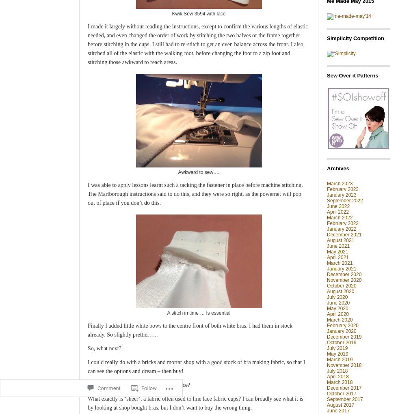 Image resolution: width=398 pixels, height=414 pixels. I want to click on 'September 2022', so click(344, 199).